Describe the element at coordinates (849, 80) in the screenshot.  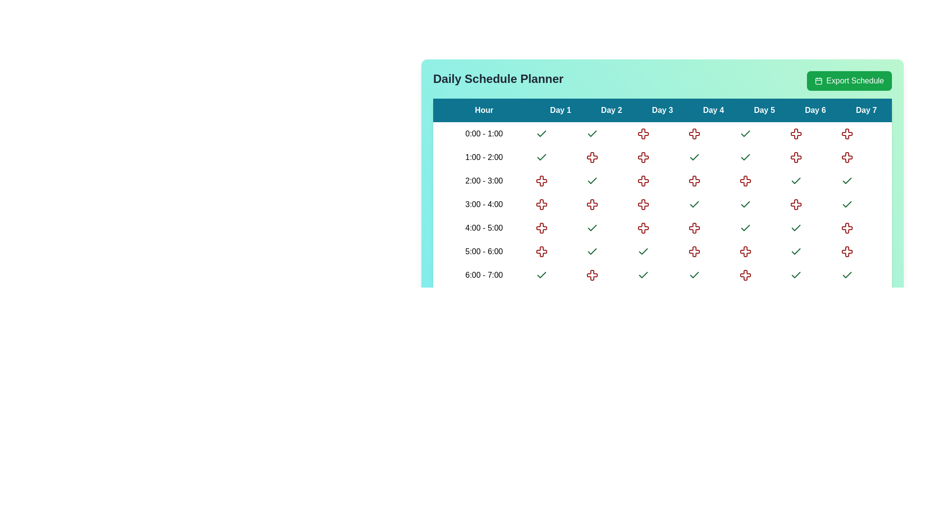
I see `'Export Schedule' button` at that location.